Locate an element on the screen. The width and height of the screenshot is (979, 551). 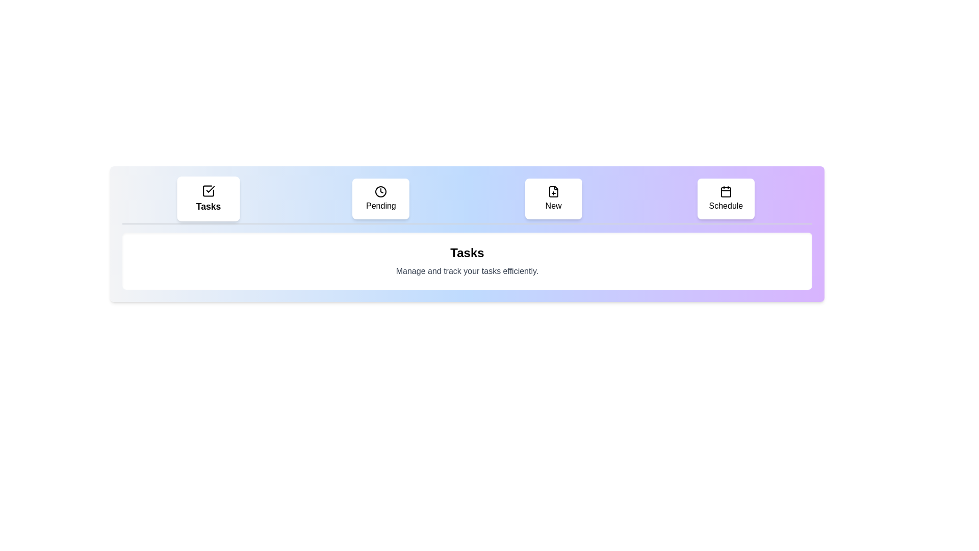
the tab labeled Tasks to select it is located at coordinates (208, 198).